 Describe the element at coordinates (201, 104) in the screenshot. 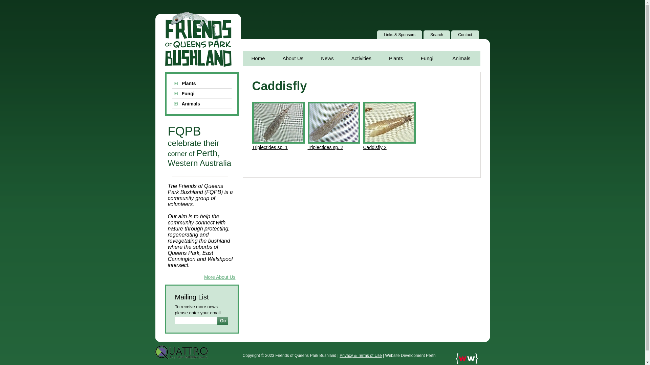

I see `'Animals'` at that location.